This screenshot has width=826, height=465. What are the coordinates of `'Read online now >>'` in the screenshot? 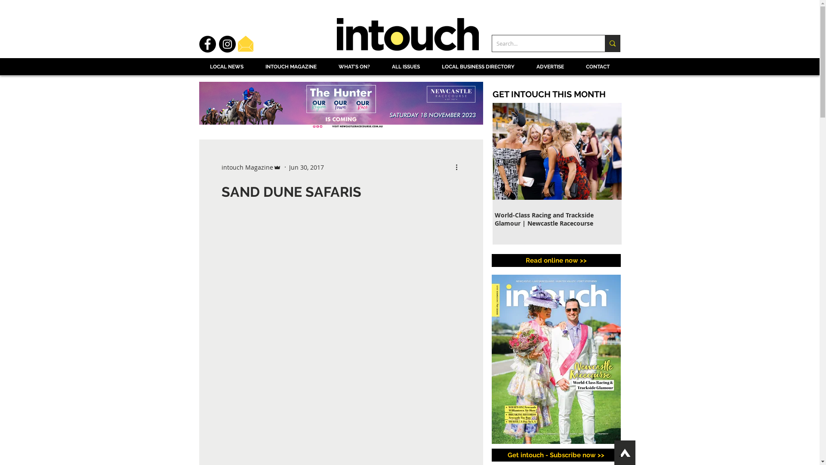 It's located at (555, 260).